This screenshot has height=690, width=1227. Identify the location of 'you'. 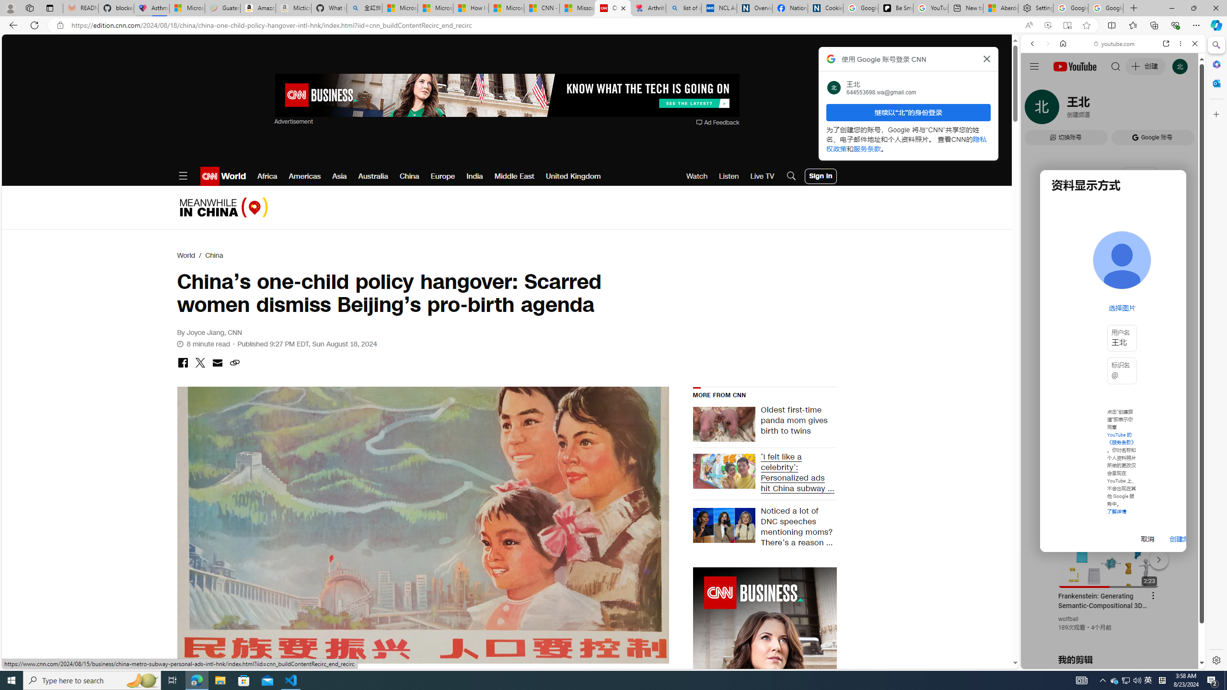
(1109, 636).